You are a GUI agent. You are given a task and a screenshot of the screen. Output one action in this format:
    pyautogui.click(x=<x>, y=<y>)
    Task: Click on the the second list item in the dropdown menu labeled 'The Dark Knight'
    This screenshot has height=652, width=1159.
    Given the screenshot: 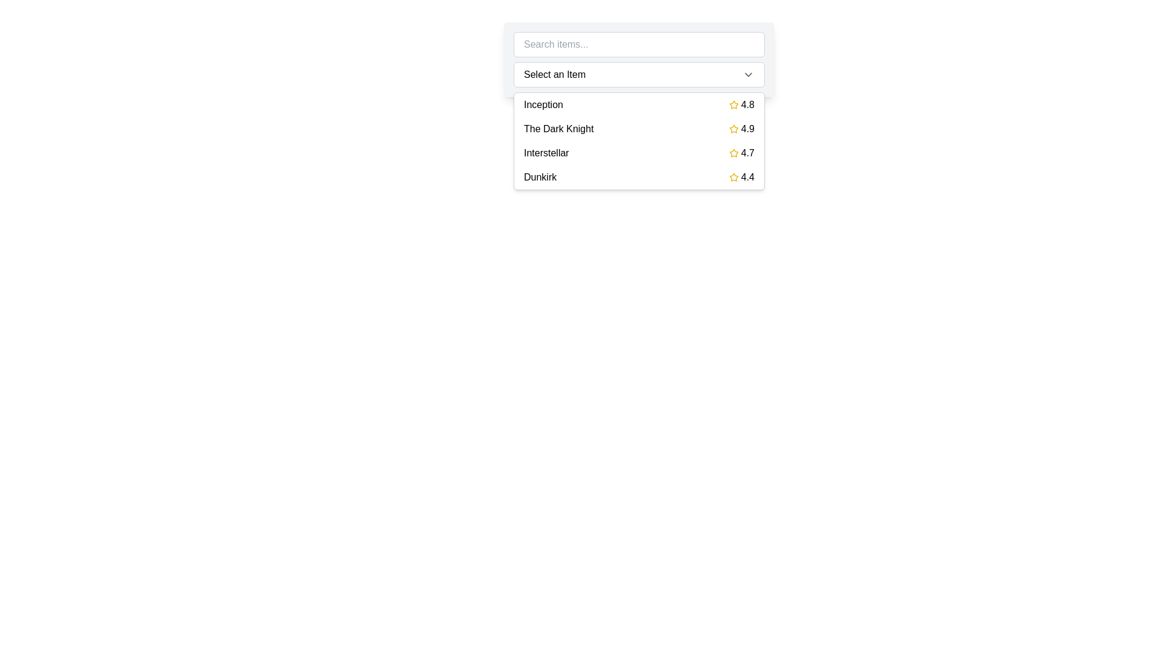 What is the action you would take?
    pyautogui.click(x=639, y=129)
    